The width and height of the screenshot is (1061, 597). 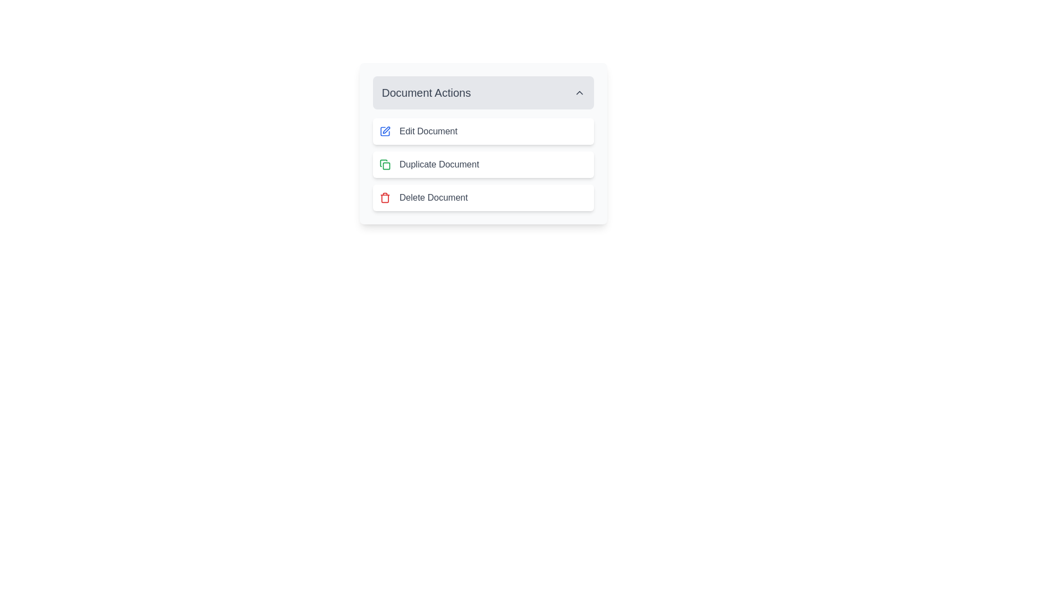 What do you see at coordinates (385, 164) in the screenshot?
I see `the small green Decorative Icon representing a copy action, located to the left of the text 'Duplicate Document' in the 'Document Actions' dropdown` at bounding box center [385, 164].